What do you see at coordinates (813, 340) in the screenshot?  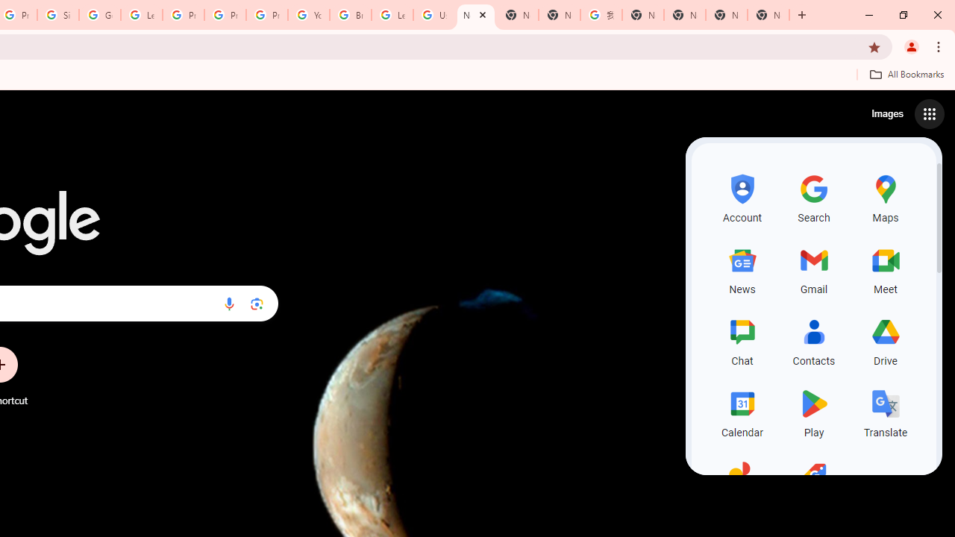 I see `'Contacts, row 3 of 5 and column 2 of 3 in the first section'` at bounding box center [813, 340].